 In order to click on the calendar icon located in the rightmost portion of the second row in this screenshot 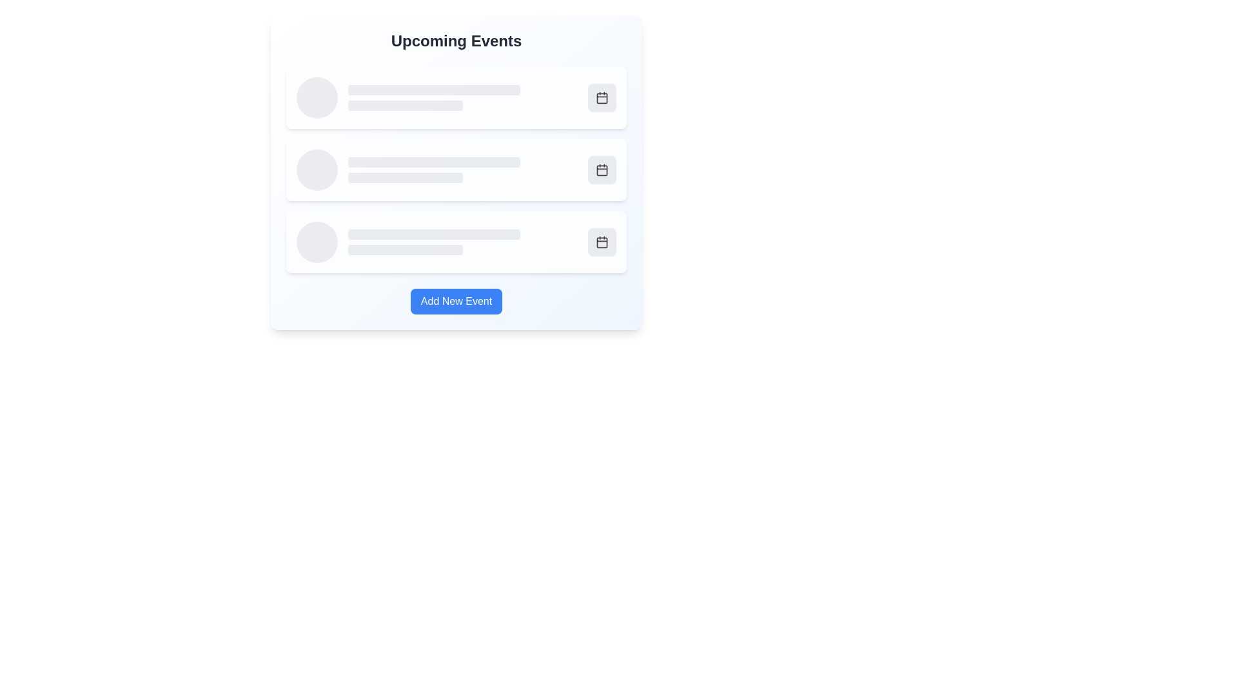, I will do `click(602, 169)`.